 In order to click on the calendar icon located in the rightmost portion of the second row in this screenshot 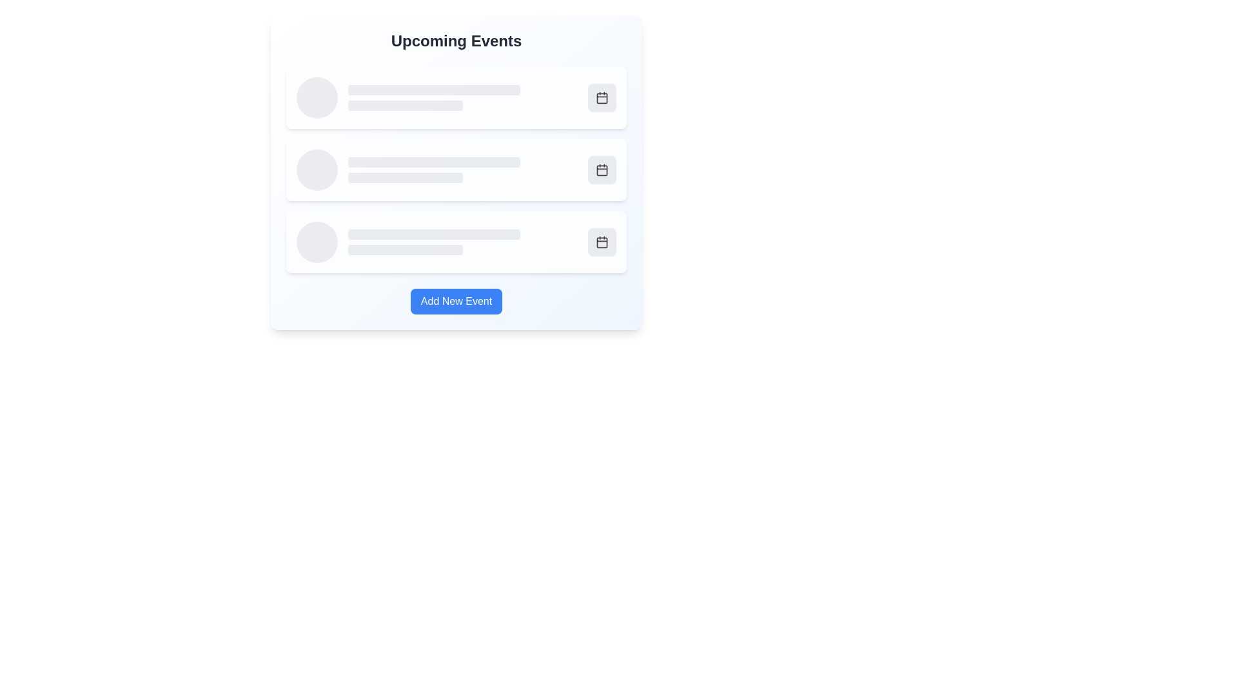, I will do `click(602, 169)`.